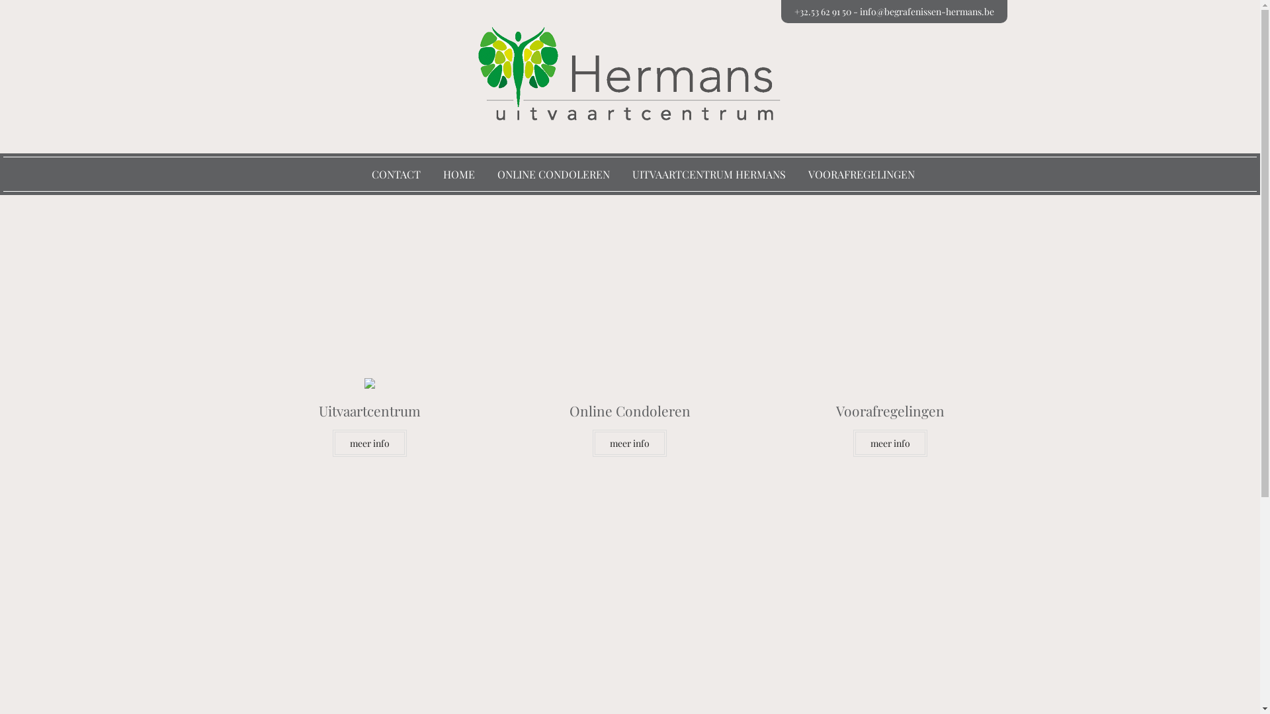 The height and width of the screenshot is (714, 1270). Describe the element at coordinates (808, 173) in the screenshot. I see `'VOORAFREGELINGEN'` at that location.